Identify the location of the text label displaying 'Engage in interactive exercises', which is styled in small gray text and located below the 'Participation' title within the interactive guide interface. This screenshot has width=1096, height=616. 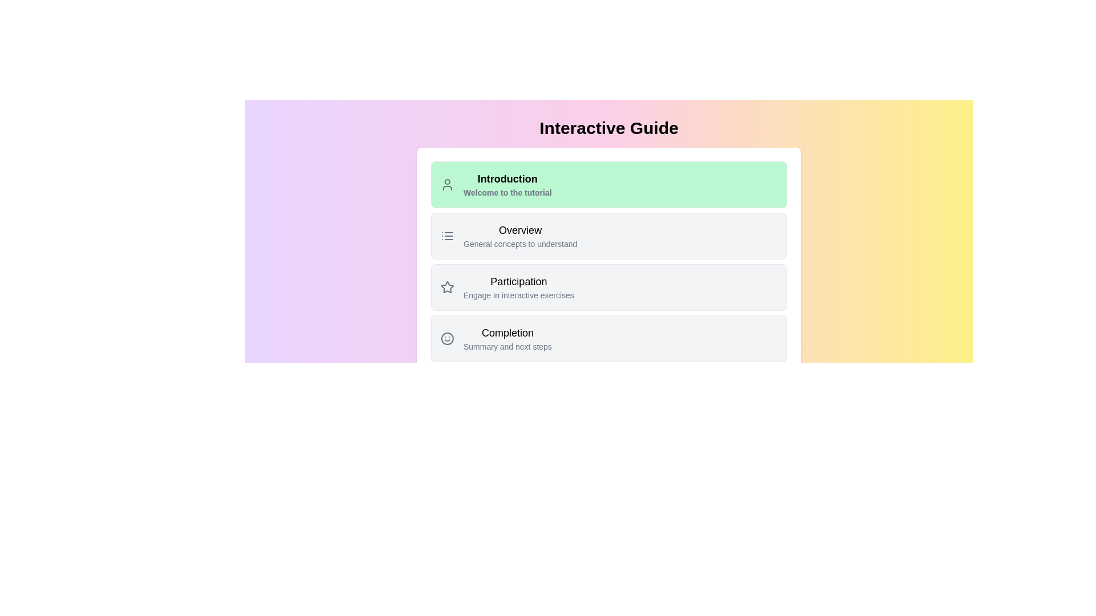
(518, 294).